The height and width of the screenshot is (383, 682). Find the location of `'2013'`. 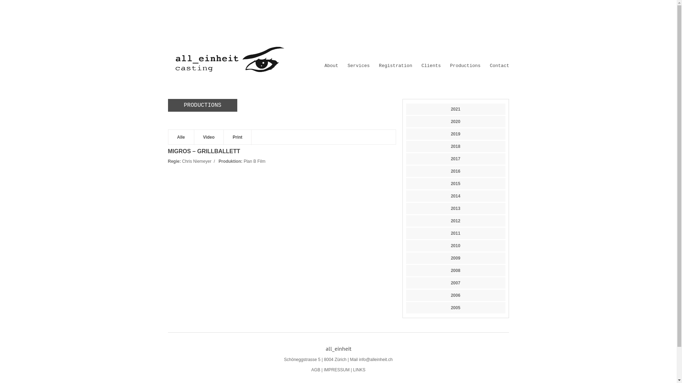

'2013' is located at coordinates (455, 208).